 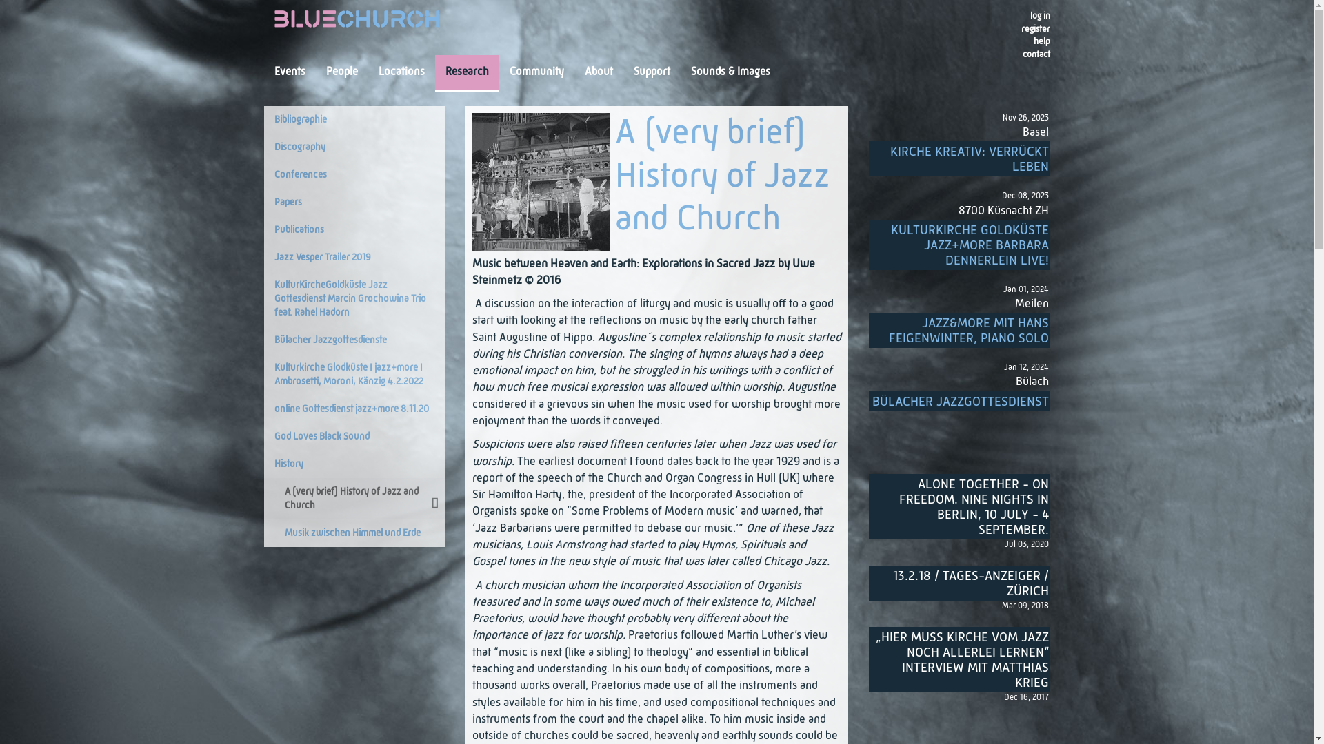 I want to click on 'register', so click(x=1032, y=29).